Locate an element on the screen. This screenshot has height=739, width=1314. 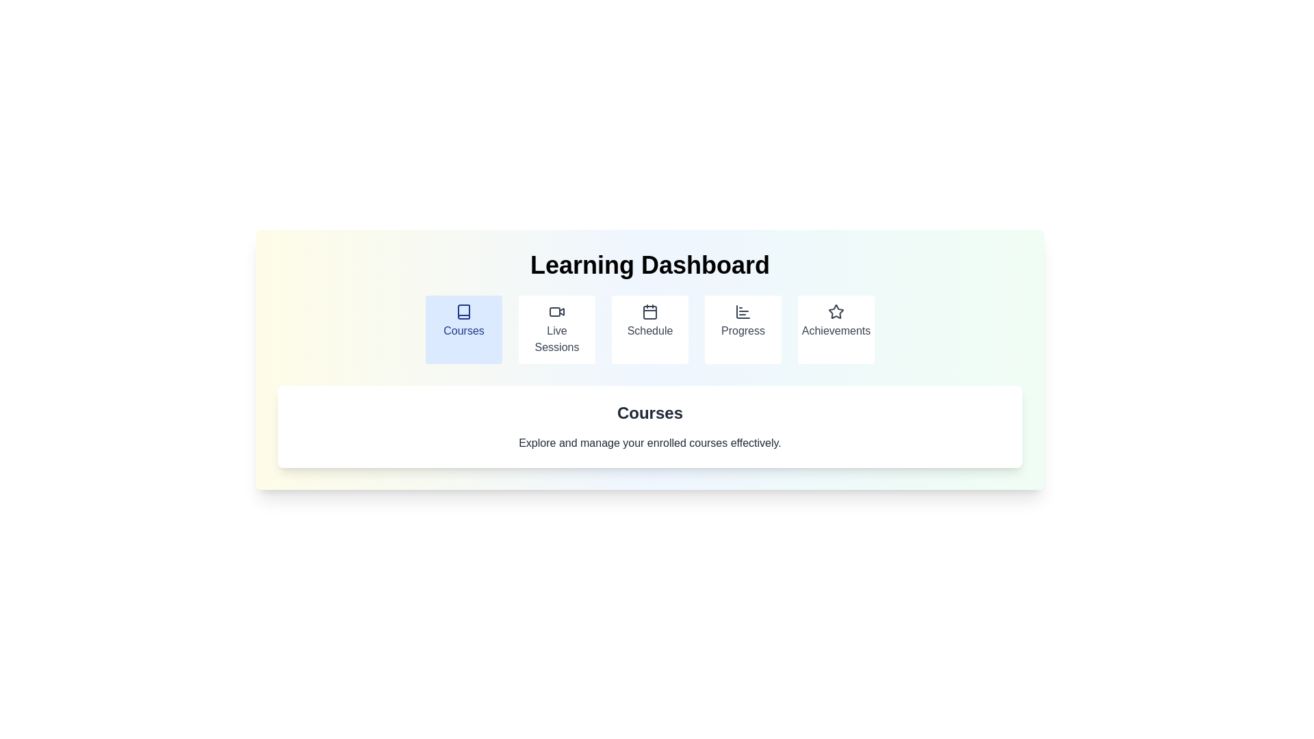
the graphic book icon within the 'Courses' card on the Learning Dashboard interface is located at coordinates (463, 311).